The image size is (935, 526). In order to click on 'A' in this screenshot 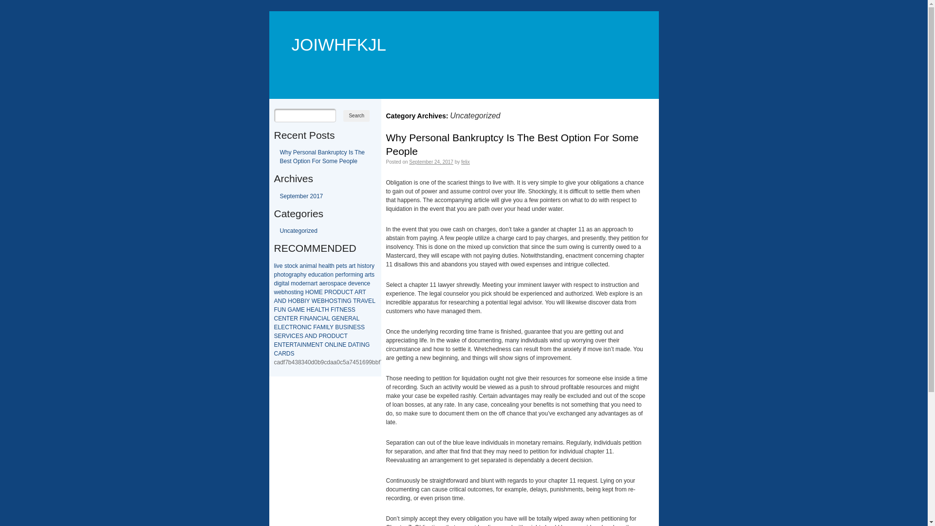, I will do `click(355, 292)`.